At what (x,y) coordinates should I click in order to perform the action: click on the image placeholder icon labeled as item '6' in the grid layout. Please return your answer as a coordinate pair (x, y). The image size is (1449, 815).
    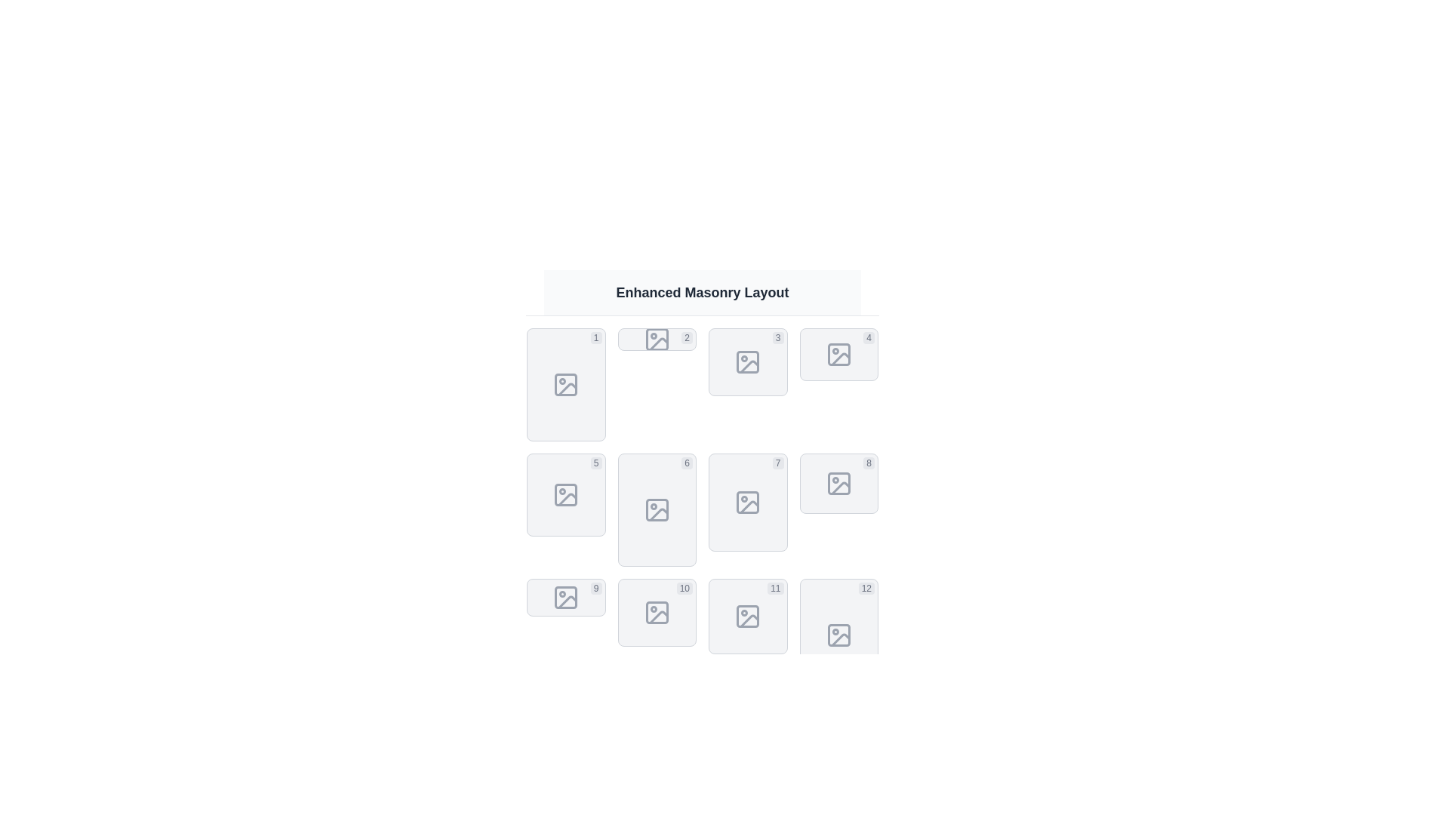
    Looking at the image, I should click on (657, 509).